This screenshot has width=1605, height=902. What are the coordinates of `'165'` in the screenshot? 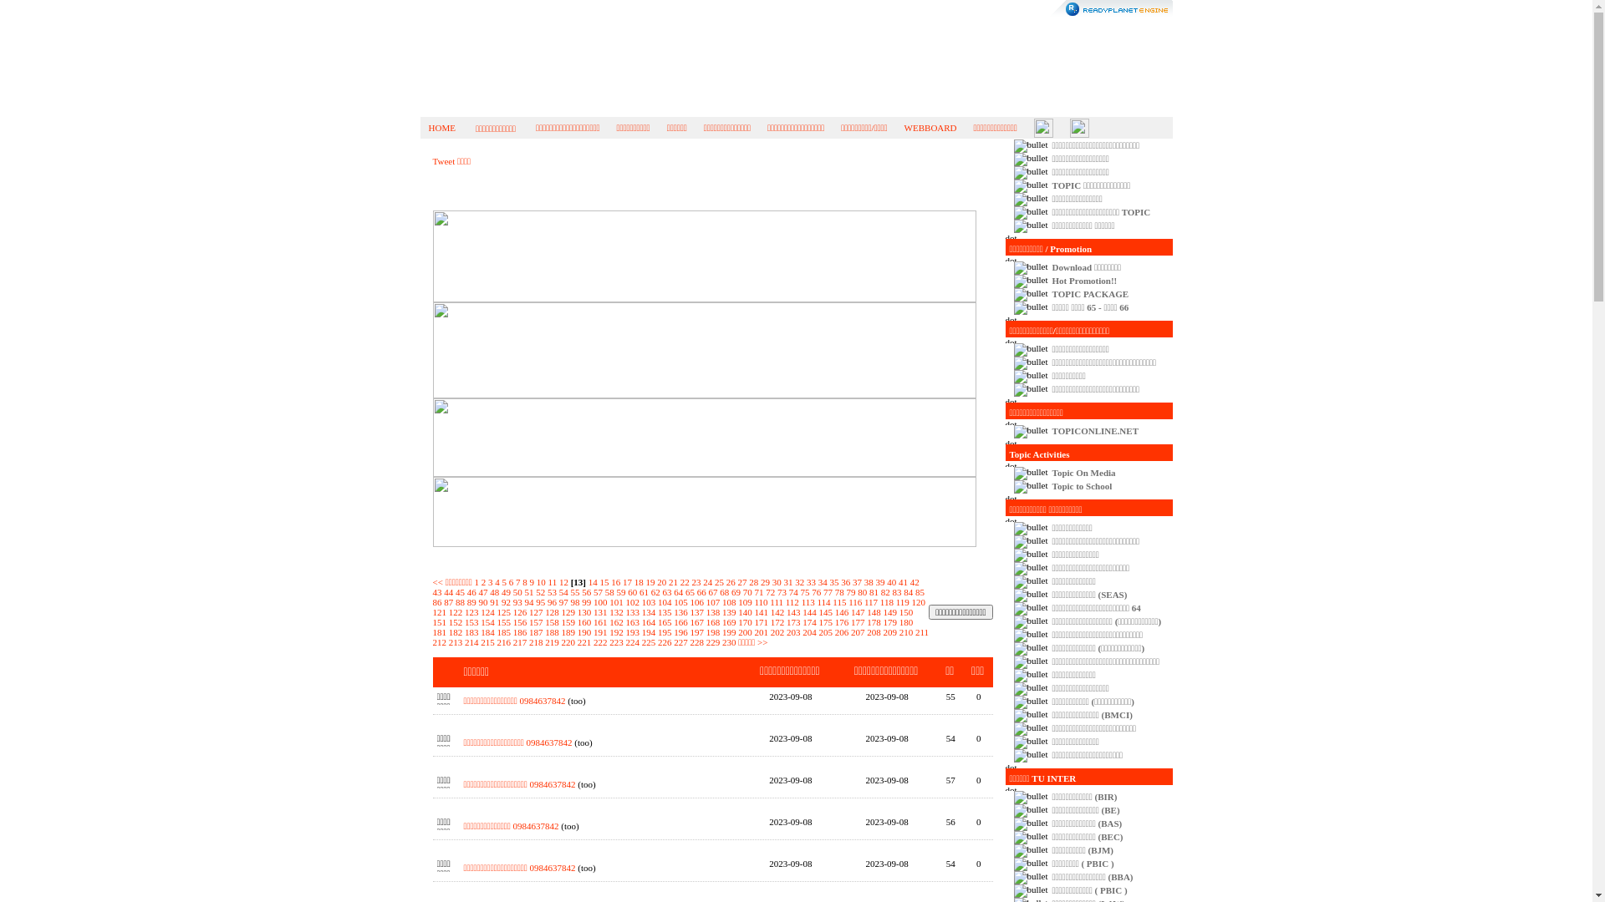 It's located at (657, 621).